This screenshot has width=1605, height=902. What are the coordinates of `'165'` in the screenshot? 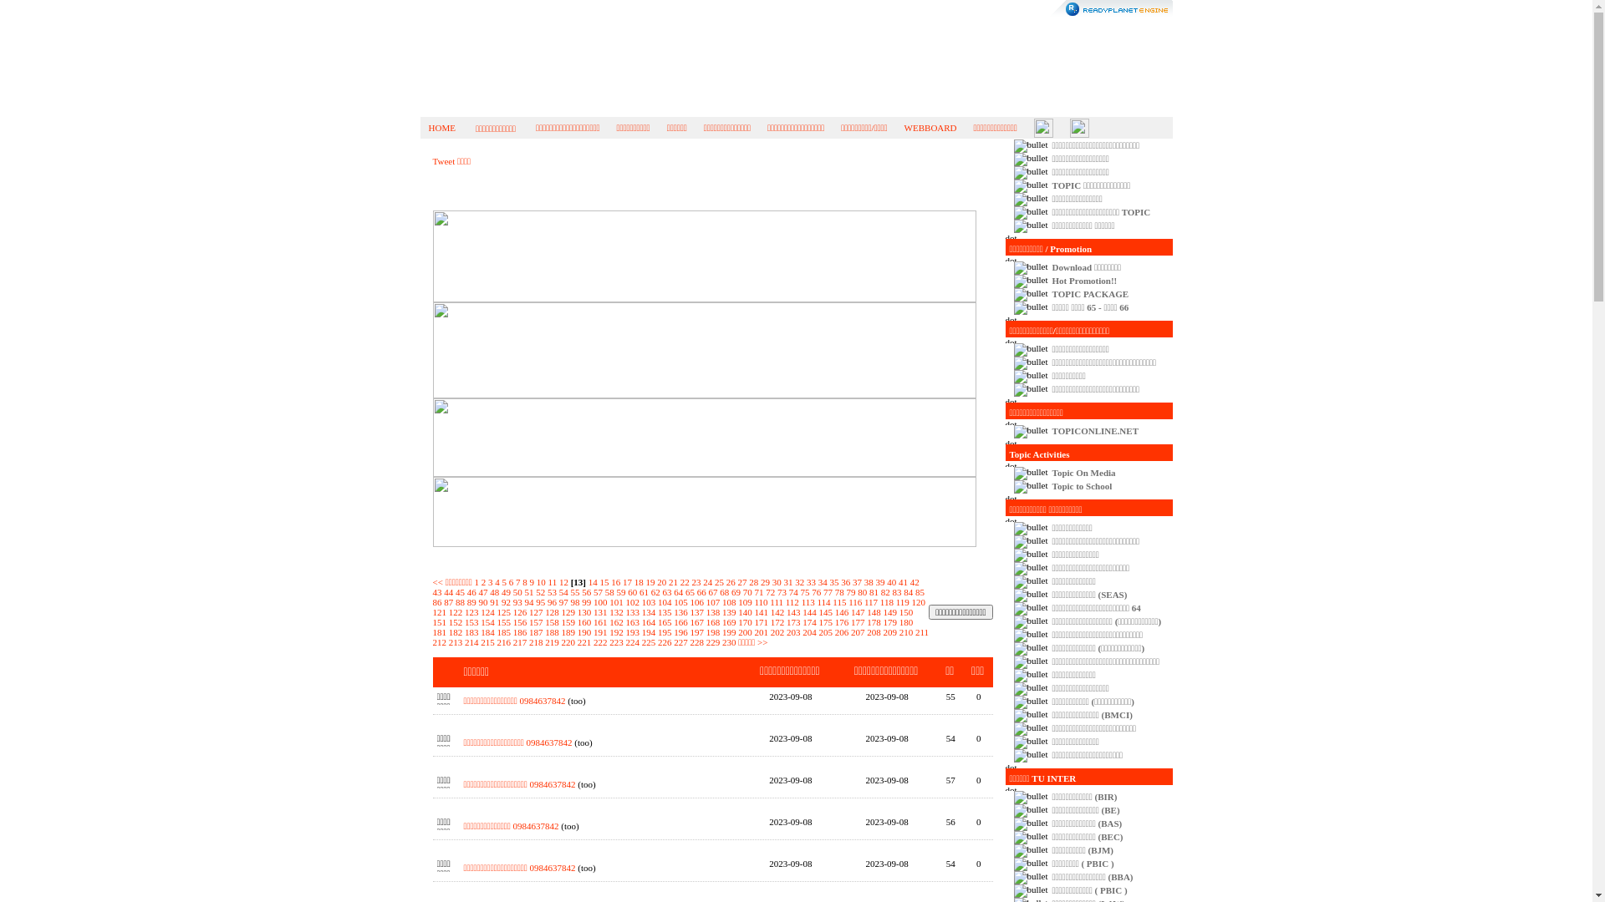 It's located at (657, 621).